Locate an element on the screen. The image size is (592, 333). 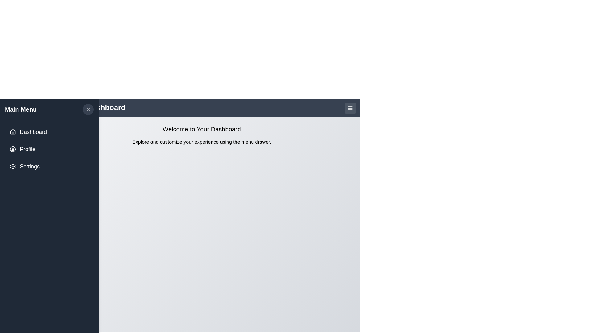
the welcoming message text element located at the top-center of the content area is located at coordinates (202, 129).